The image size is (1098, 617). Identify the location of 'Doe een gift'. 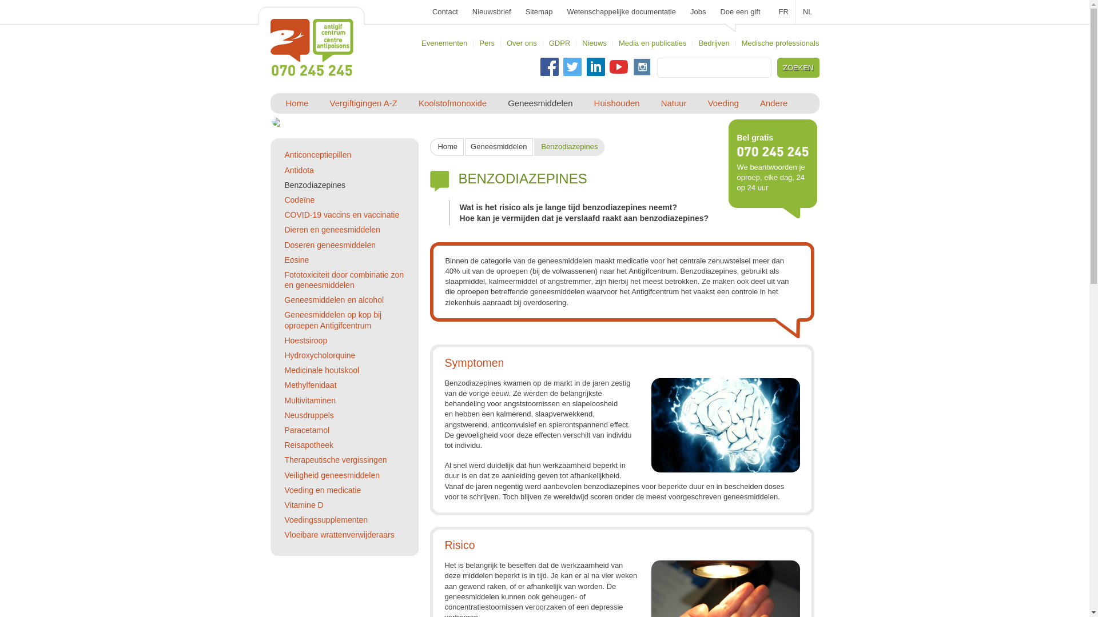
(740, 11).